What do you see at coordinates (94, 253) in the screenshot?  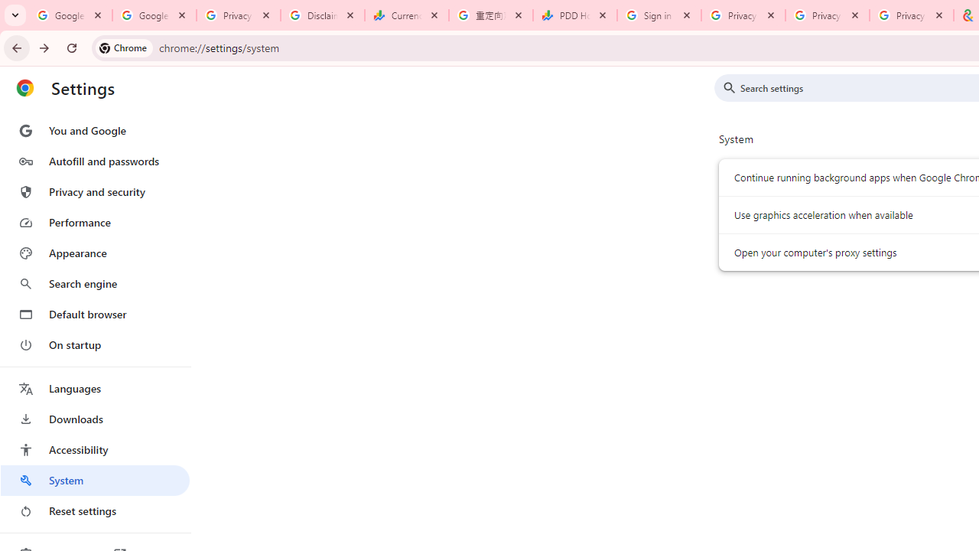 I see `'Appearance'` at bounding box center [94, 253].